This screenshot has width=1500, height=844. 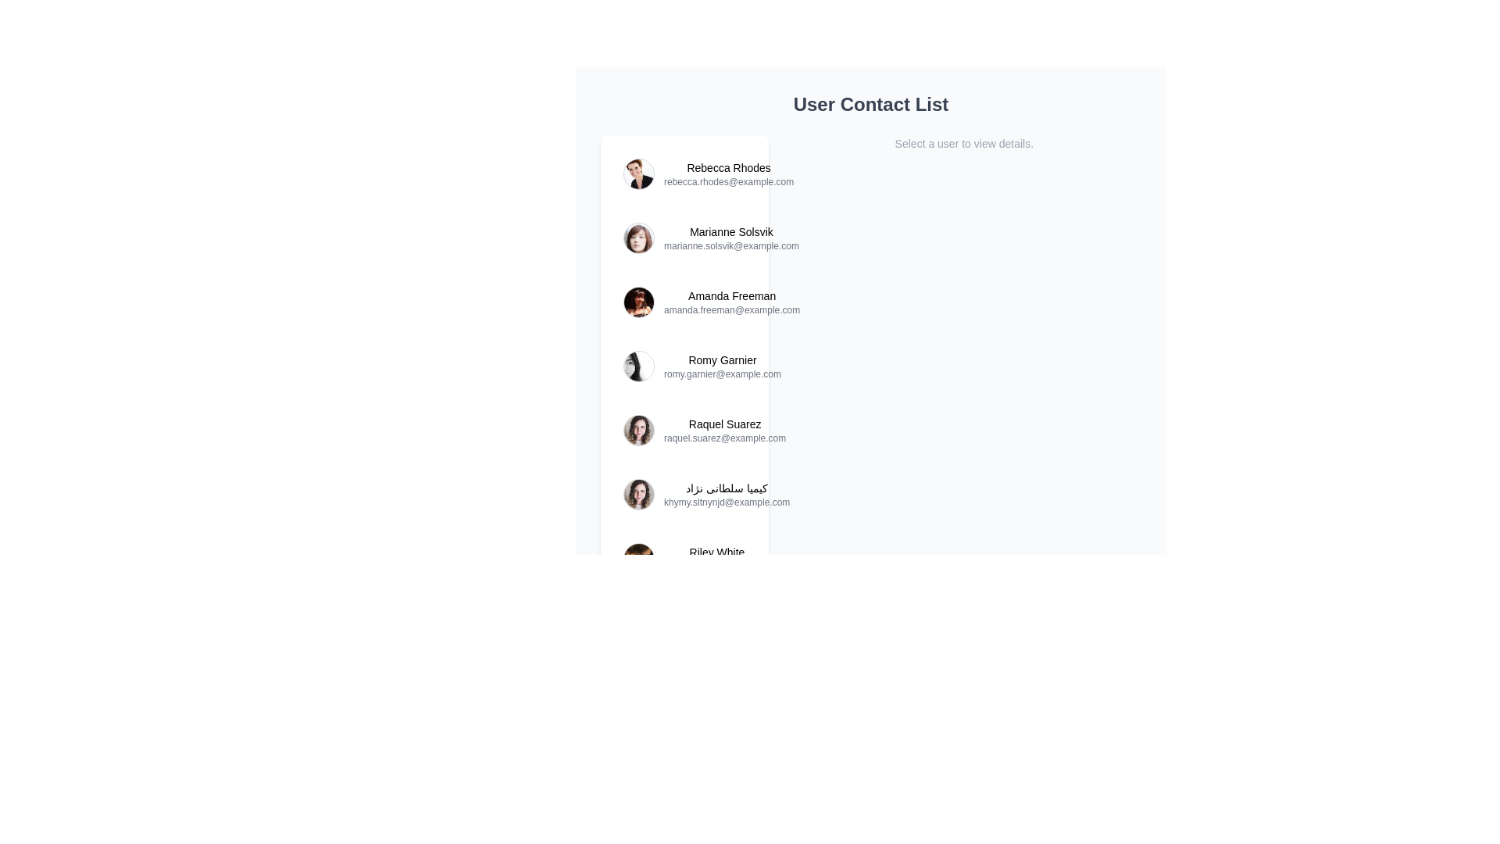 What do you see at coordinates (724, 431) in the screenshot?
I see `the text label pair displaying 'Raquel Suarez' and 'raquel.suarez@example.com' in the user contact list under the fifth entry` at bounding box center [724, 431].